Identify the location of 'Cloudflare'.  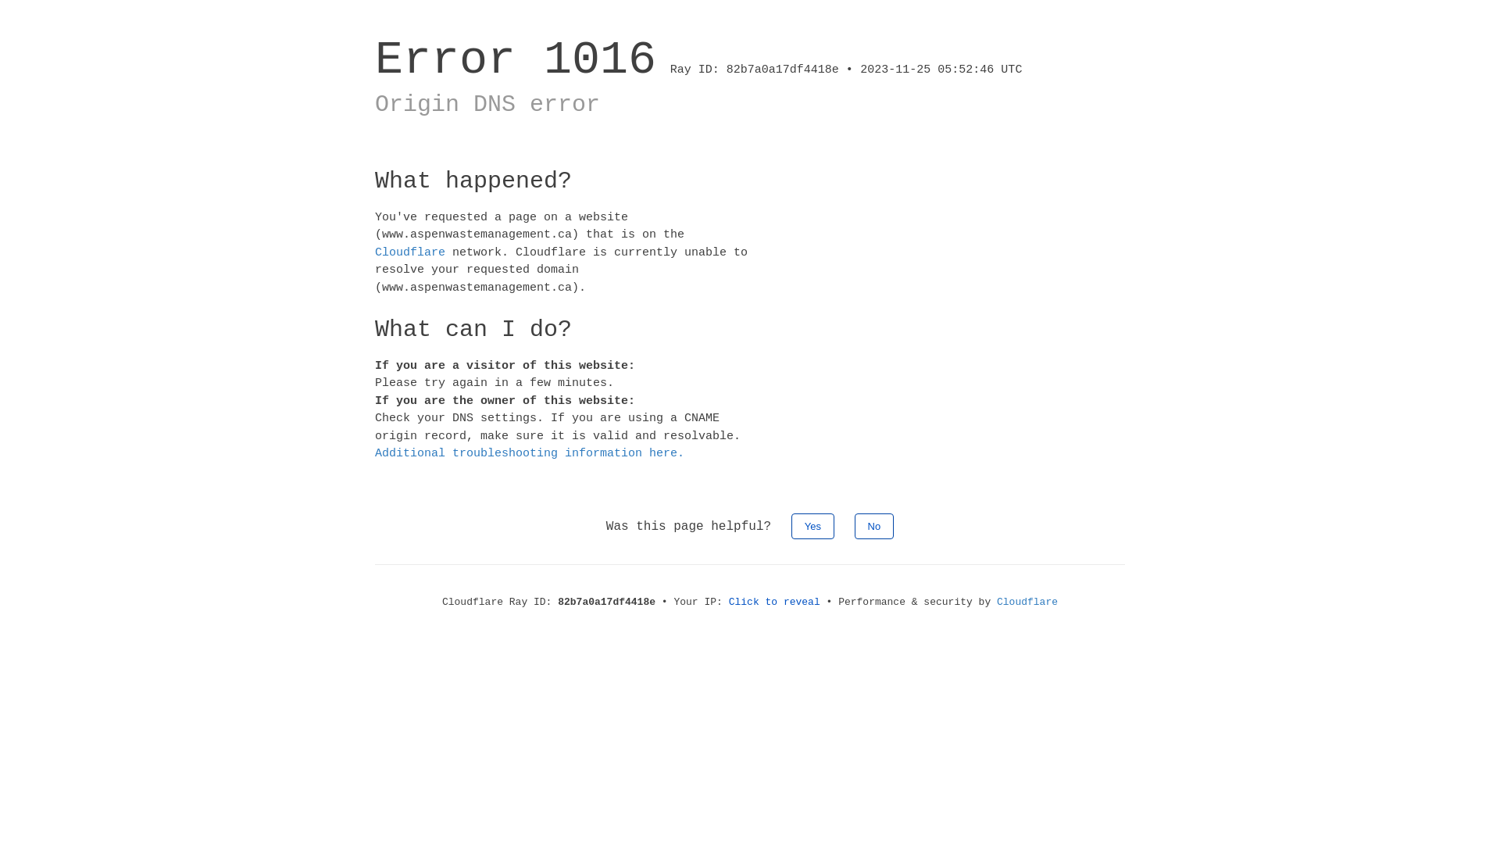
(409, 251).